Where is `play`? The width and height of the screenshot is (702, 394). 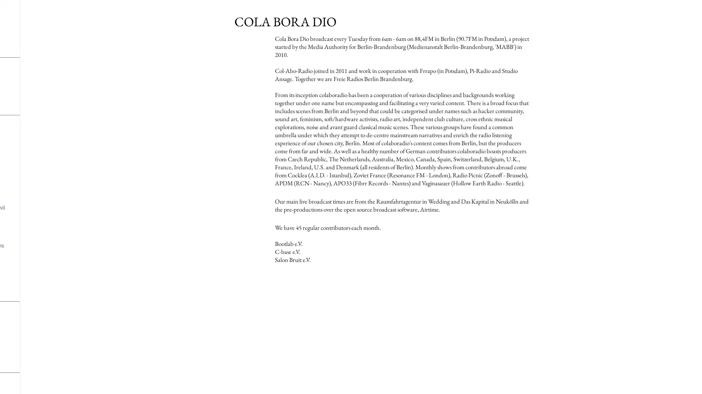
play is located at coordinates (24, 31).